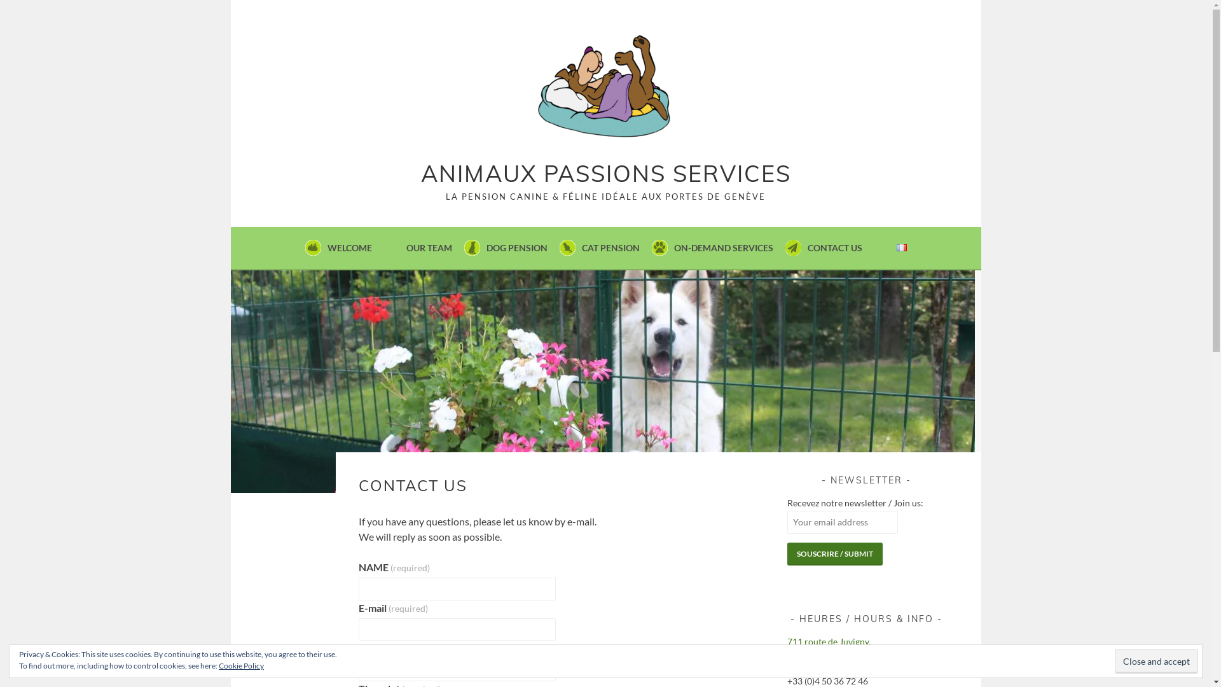  Describe the element at coordinates (405, 247) in the screenshot. I see `'OUR TEAM'` at that location.